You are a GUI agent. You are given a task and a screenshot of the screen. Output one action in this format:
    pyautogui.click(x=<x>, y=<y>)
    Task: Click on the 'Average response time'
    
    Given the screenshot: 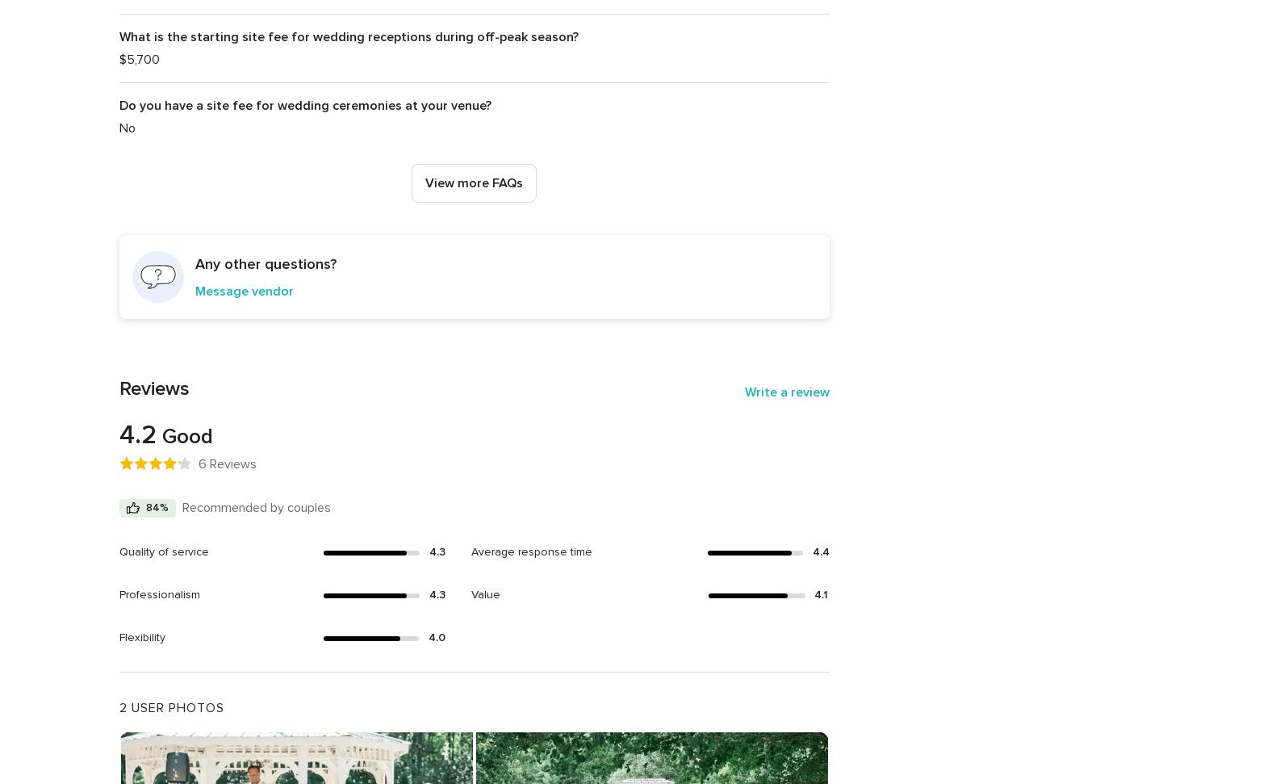 What is the action you would take?
    pyautogui.click(x=531, y=551)
    